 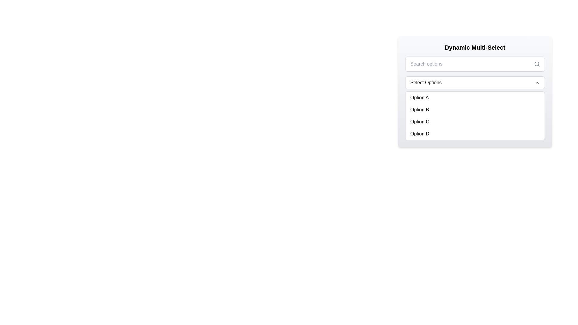 What do you see at coordinates (419, 122) in the screenshot?
I see `the text-based selectable item 'Option C' in the dropdown menu` at bounding box center [419, 122].